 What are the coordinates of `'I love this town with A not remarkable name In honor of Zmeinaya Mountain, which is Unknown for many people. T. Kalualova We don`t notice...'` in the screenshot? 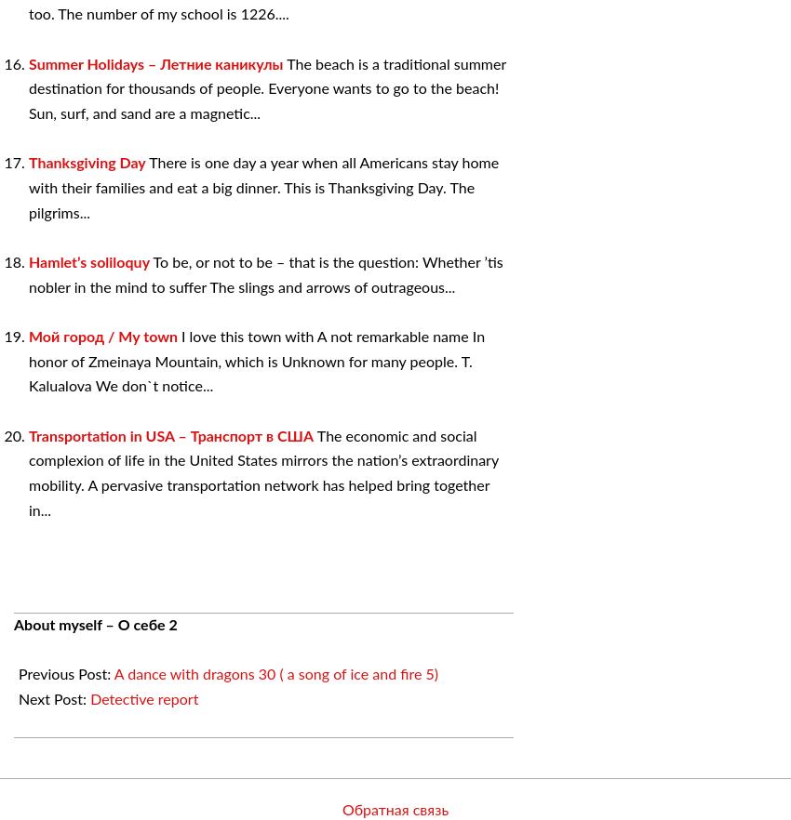 It's located at (28, 361).